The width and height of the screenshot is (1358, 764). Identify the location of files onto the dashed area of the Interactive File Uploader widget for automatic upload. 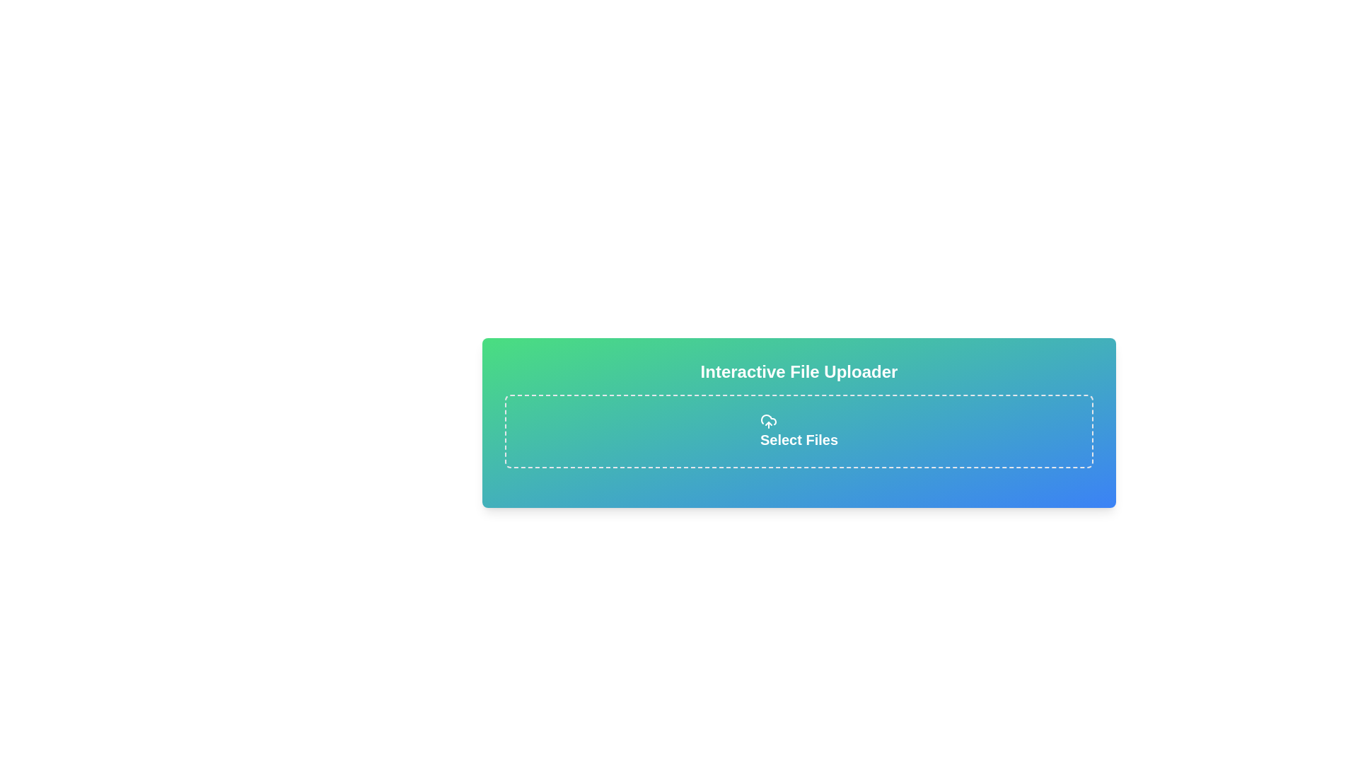
(799, 422).